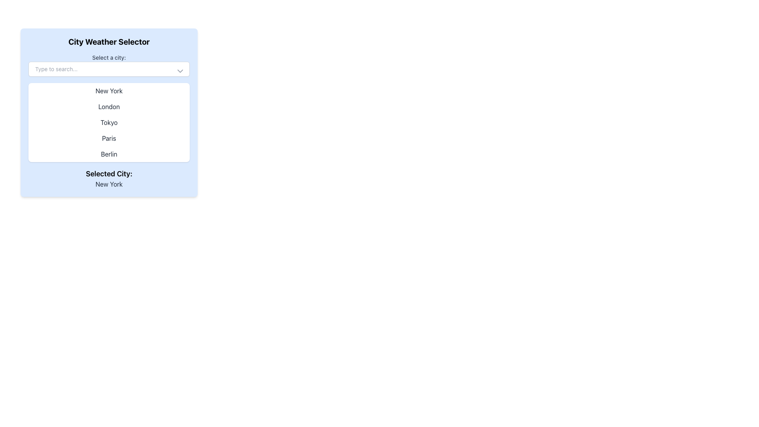 This screenshot has height=427, width=759. I want to click on the fifth city name in the dropdown list, so click(108, 154).